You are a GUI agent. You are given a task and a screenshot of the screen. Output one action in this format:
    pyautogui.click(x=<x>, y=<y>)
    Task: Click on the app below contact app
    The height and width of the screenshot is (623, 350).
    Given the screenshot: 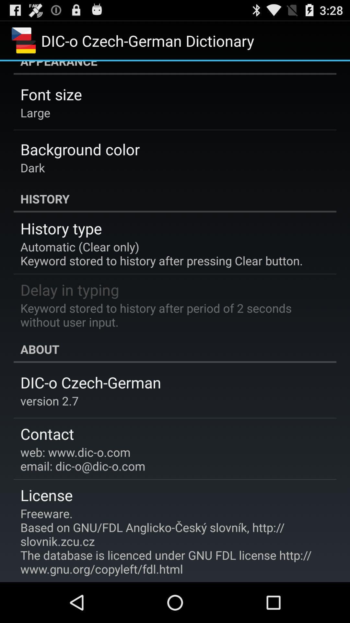 What is the action you would take?
    pyautogui.click(x=82, y=458)
    